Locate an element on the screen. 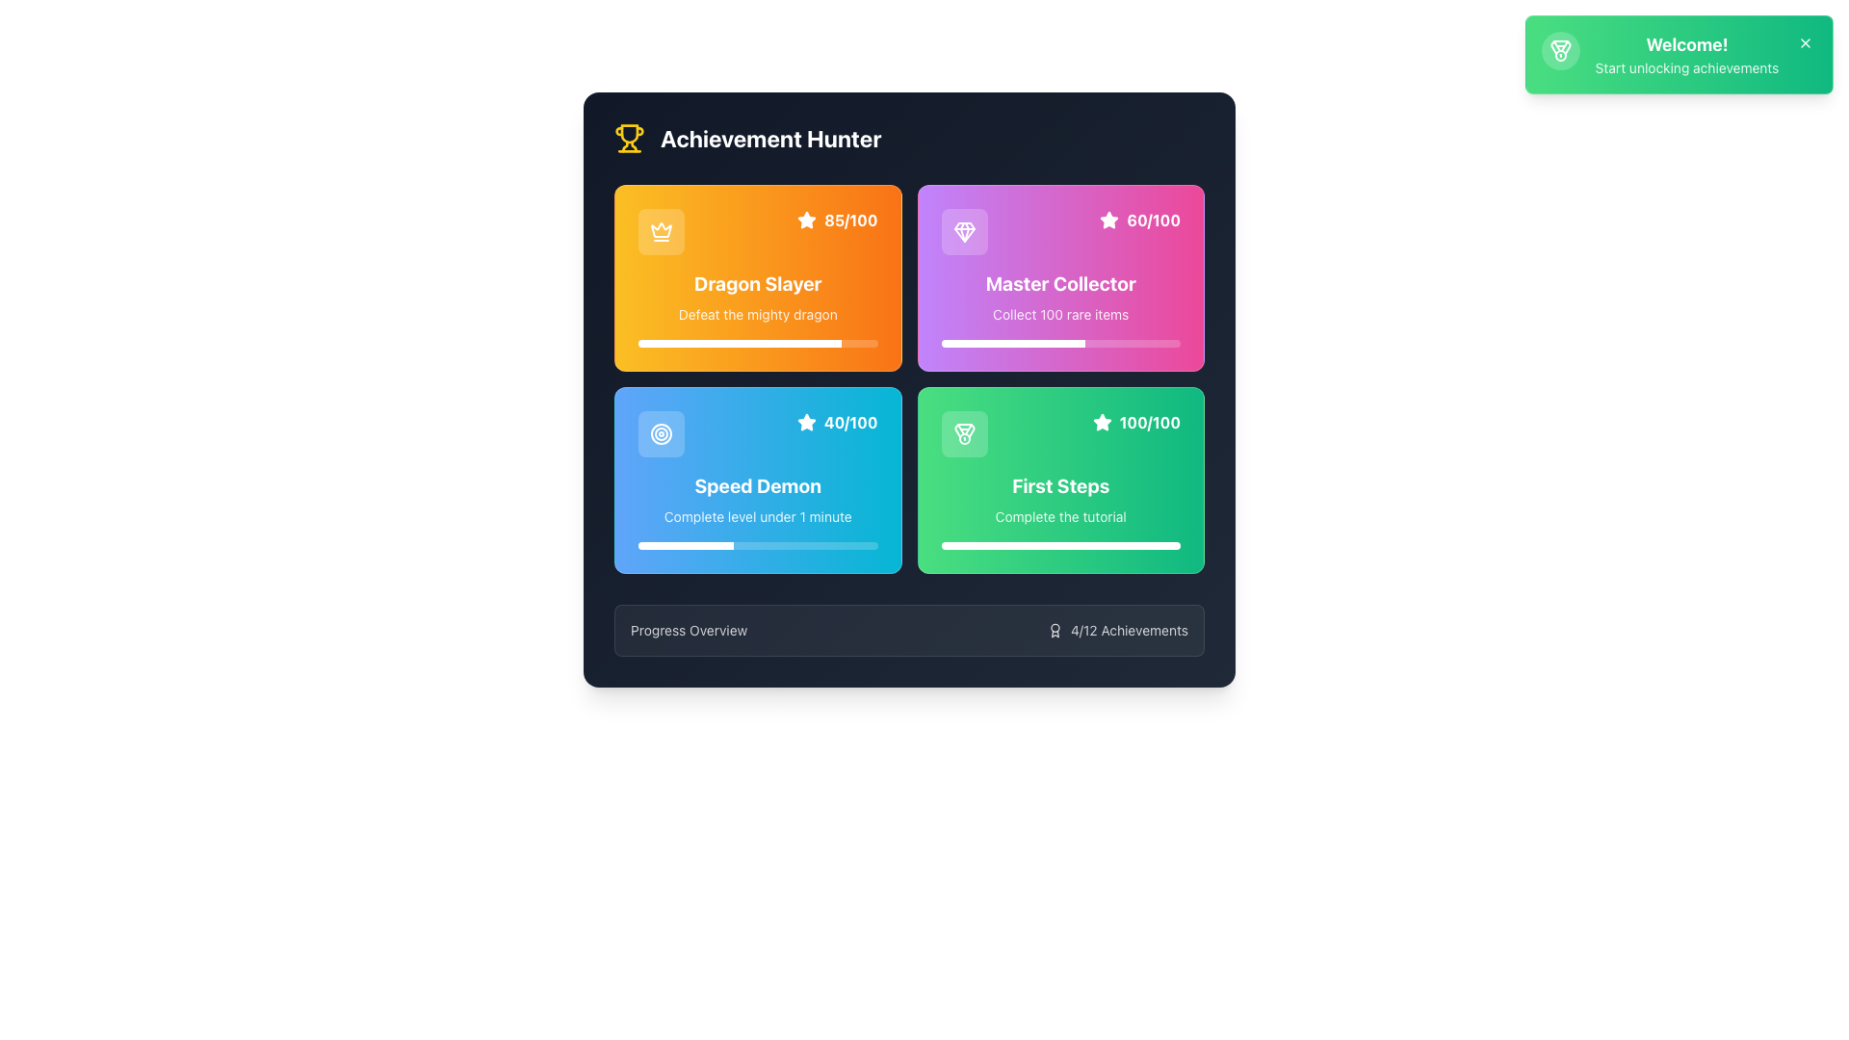 Image resolution: width=1849 pixels, height=1040 pixels. the progress of the 'Dragon Slayer' achievement is located at coordinates (749, 343).